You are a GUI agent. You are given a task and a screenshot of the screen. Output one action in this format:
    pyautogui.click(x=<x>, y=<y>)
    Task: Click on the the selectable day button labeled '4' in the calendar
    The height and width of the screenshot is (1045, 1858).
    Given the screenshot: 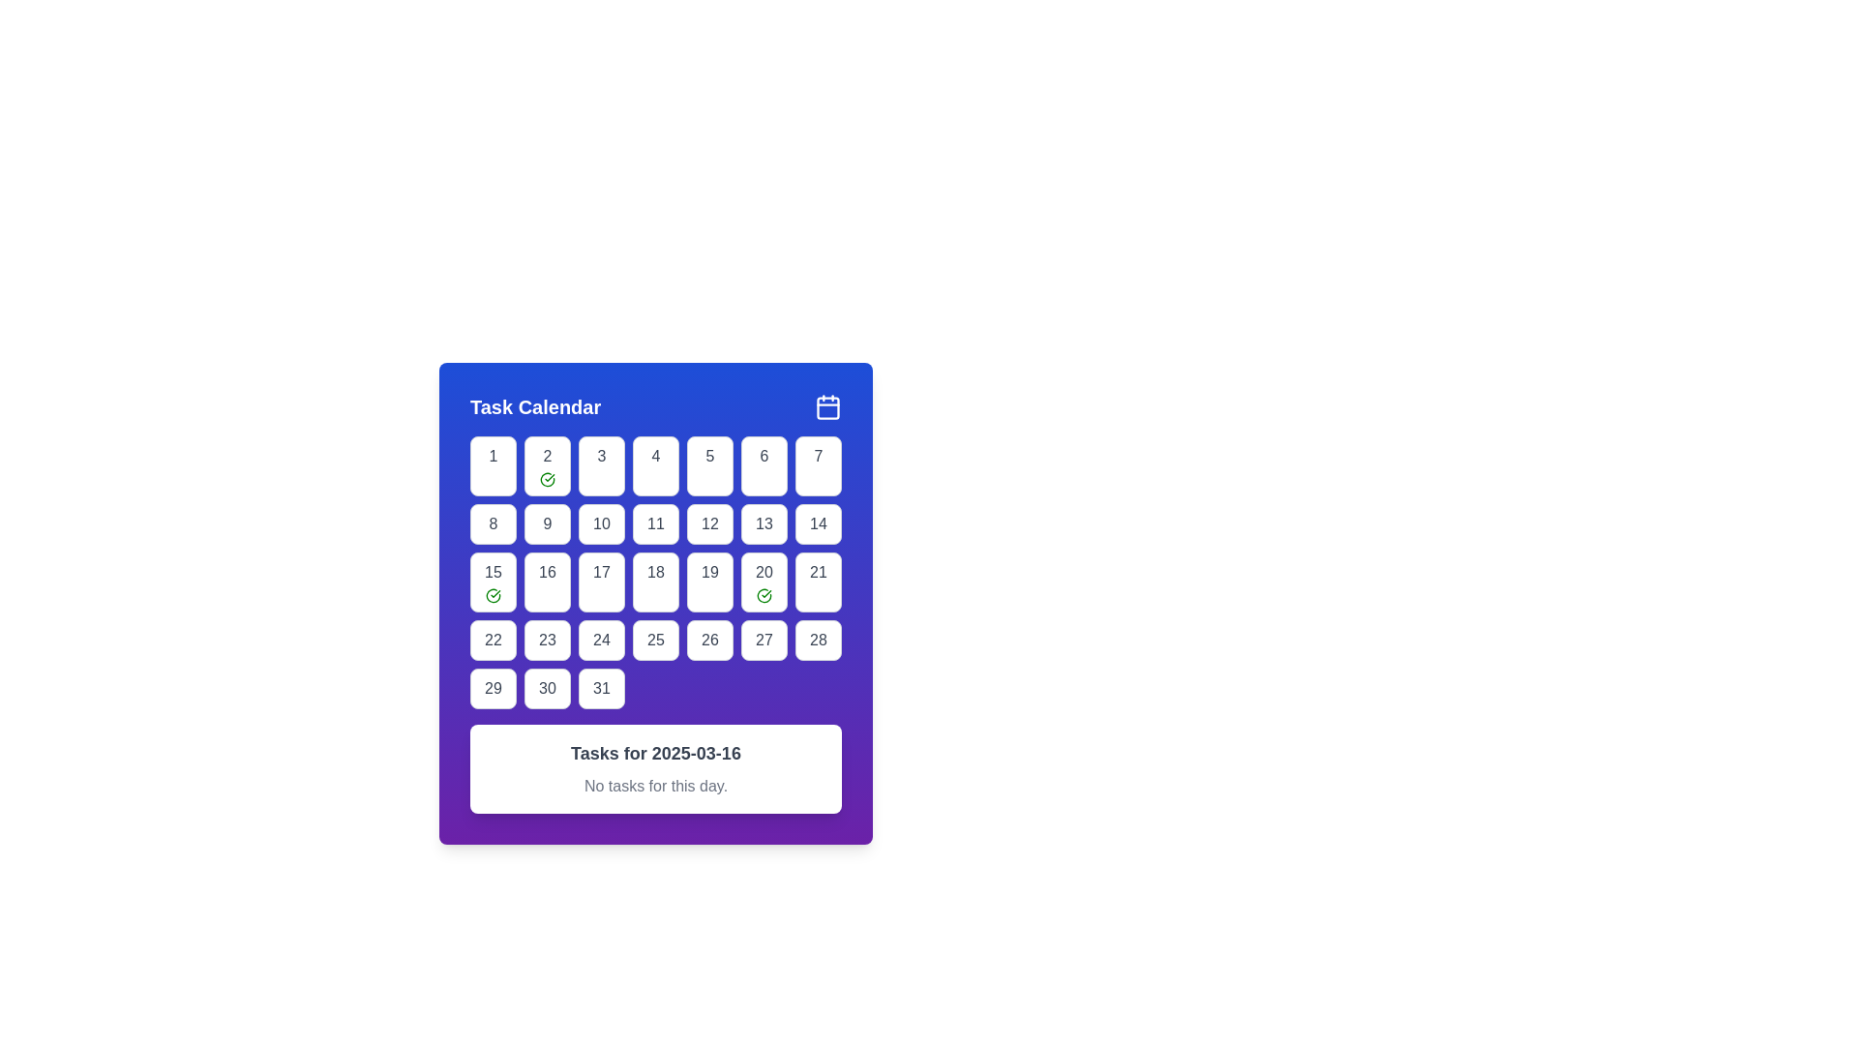 What is the action you would take?
    pyautogui.click(x=655, y=466)
    